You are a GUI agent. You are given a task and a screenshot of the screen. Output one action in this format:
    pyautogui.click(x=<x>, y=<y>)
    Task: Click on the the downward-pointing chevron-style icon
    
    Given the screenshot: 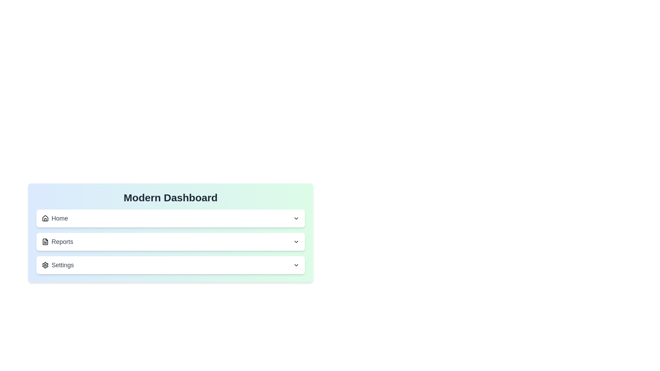 What is the action you would take?
    pyautogui.click(x=296, y=241)
    